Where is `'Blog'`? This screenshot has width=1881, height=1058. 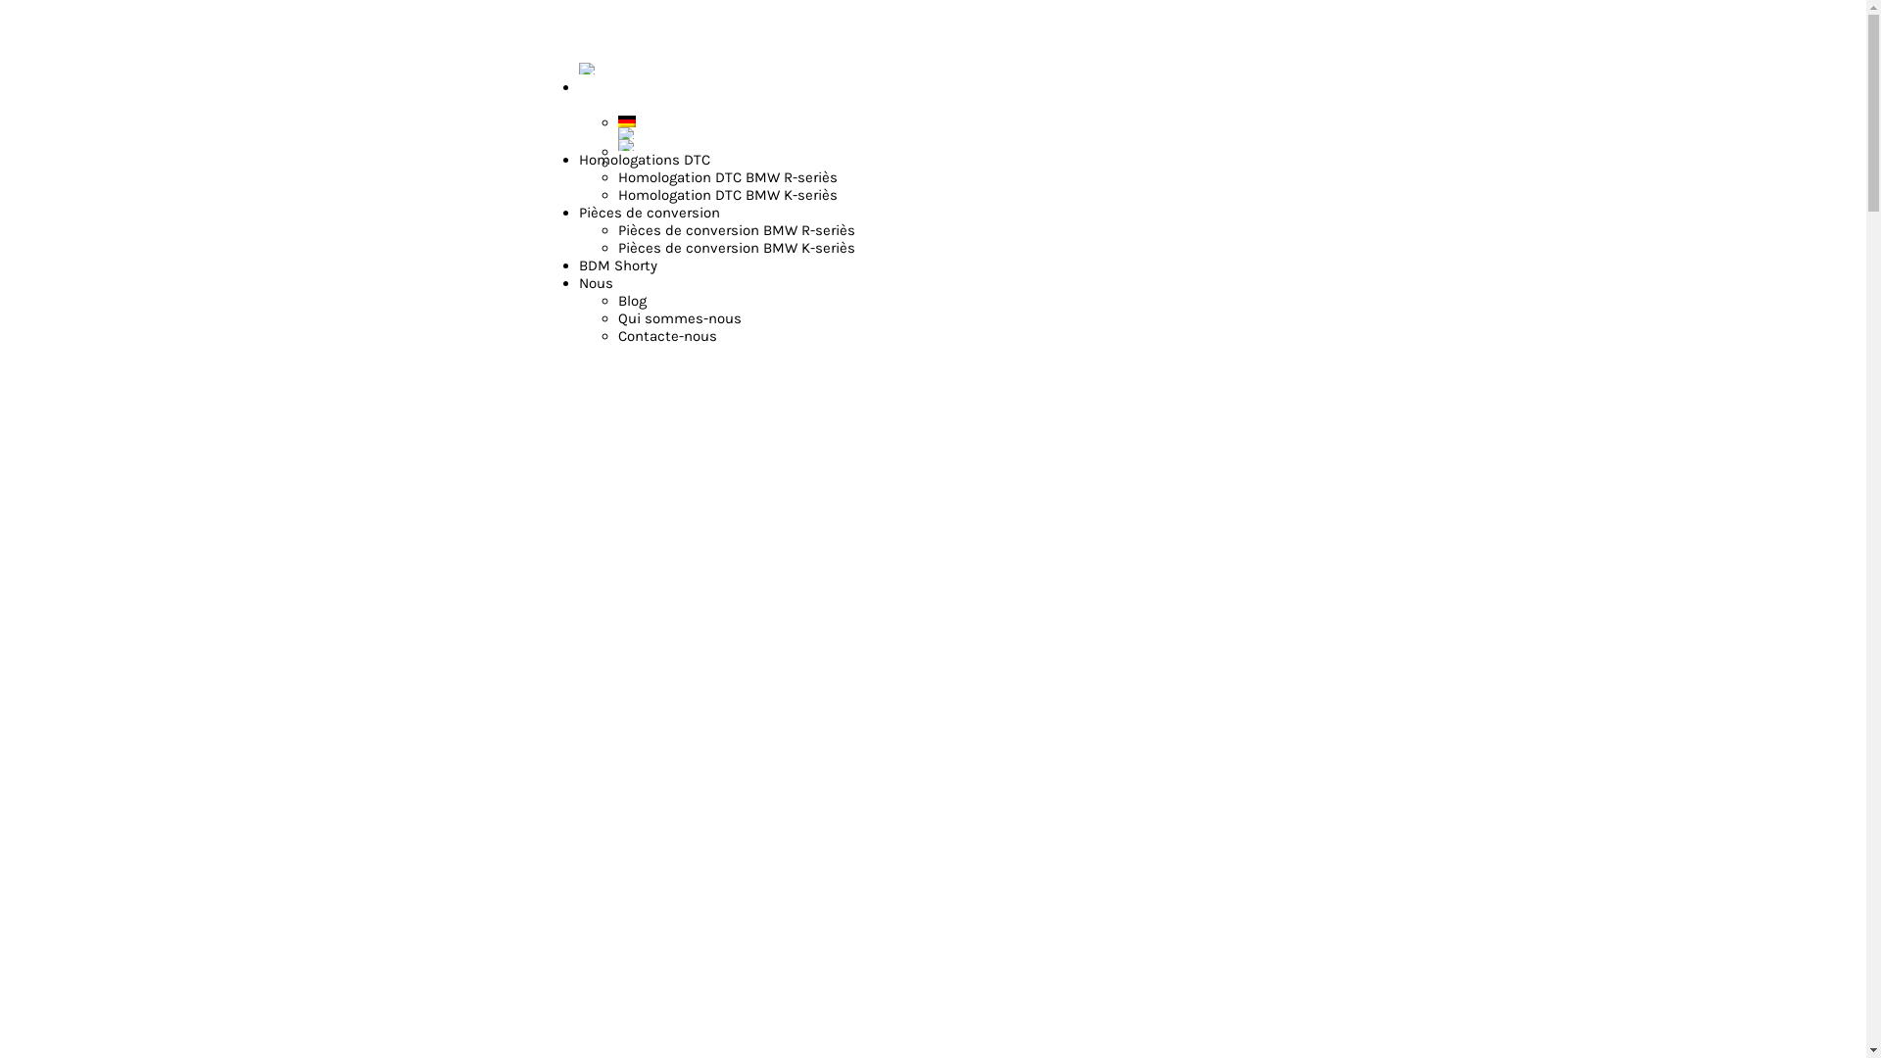 'Blog' is located at coordinates (616, 301).